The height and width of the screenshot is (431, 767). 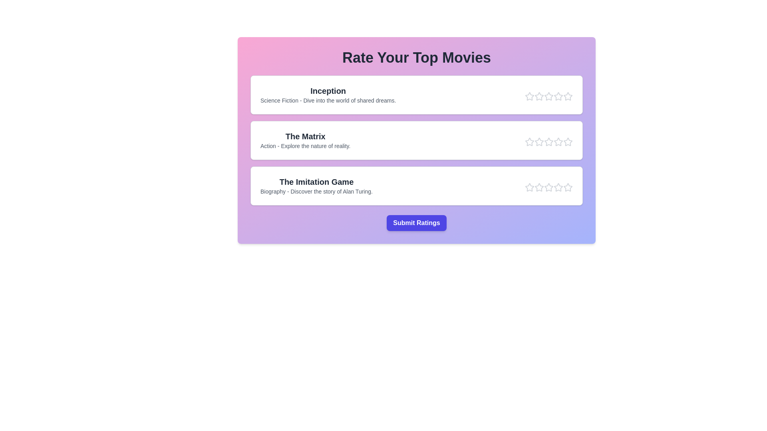 What do you see at coordinates (539, 141) in the screenshot?
I see `the star corresponding to the rating 2 for the movie The Matrix` at bounding box center [539, 141].